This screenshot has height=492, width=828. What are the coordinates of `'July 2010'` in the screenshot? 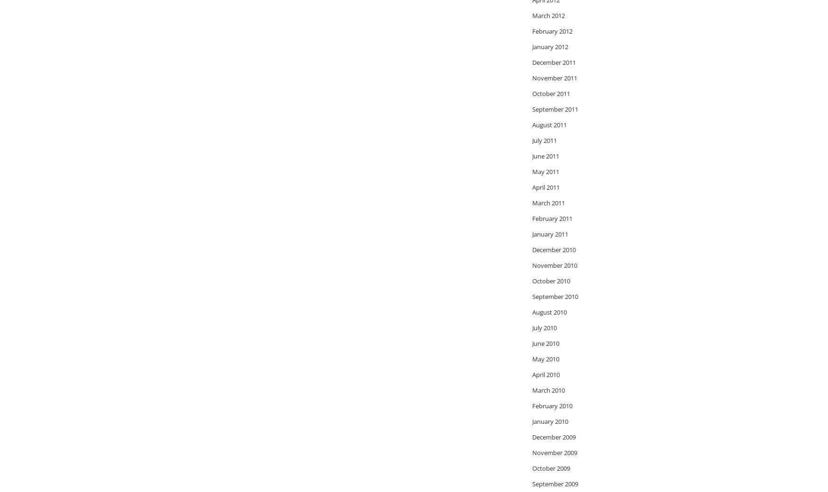 It's located at (544, 327).